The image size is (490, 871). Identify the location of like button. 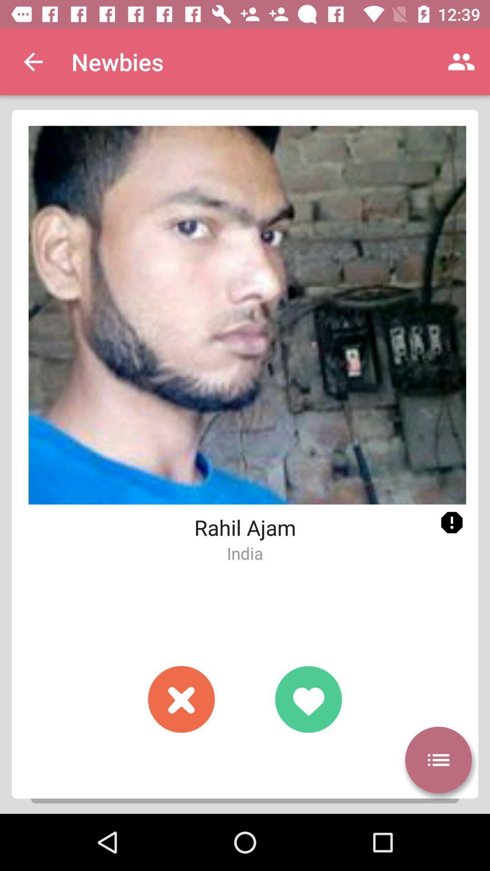
(308, 699).